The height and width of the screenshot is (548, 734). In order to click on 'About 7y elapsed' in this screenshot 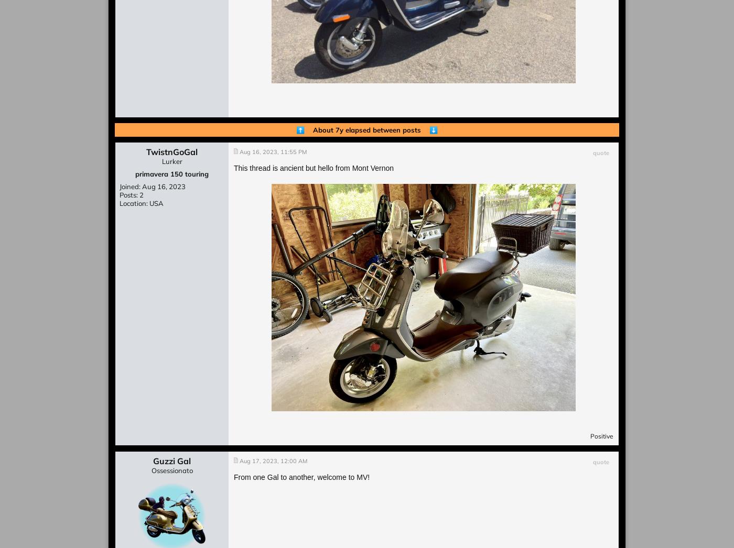, I will do `click(311, 128)`.